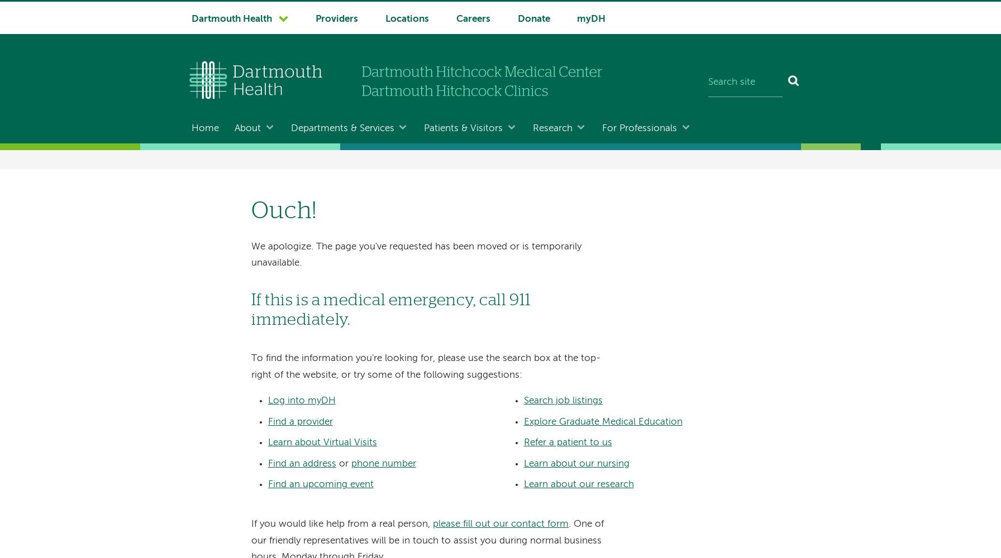  Describe the element at coordinates (249, 378) in the screenshot. I see `'History'` at that location.